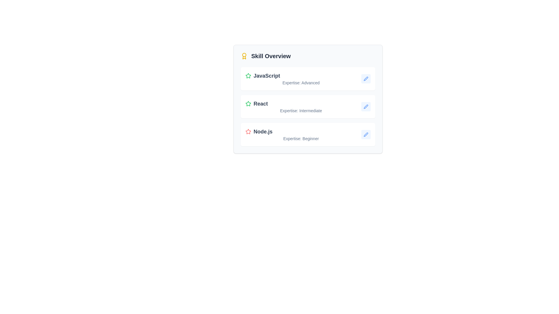  Describe the element at coordinates (301, 78) in the screenshot. I see `the 'JavaScript' skill information display block, which features the text 'JavaScript' in bold and larger font, followed by 'Expertise: Advanced' in a smaller font, along with a green star icon` at that location.